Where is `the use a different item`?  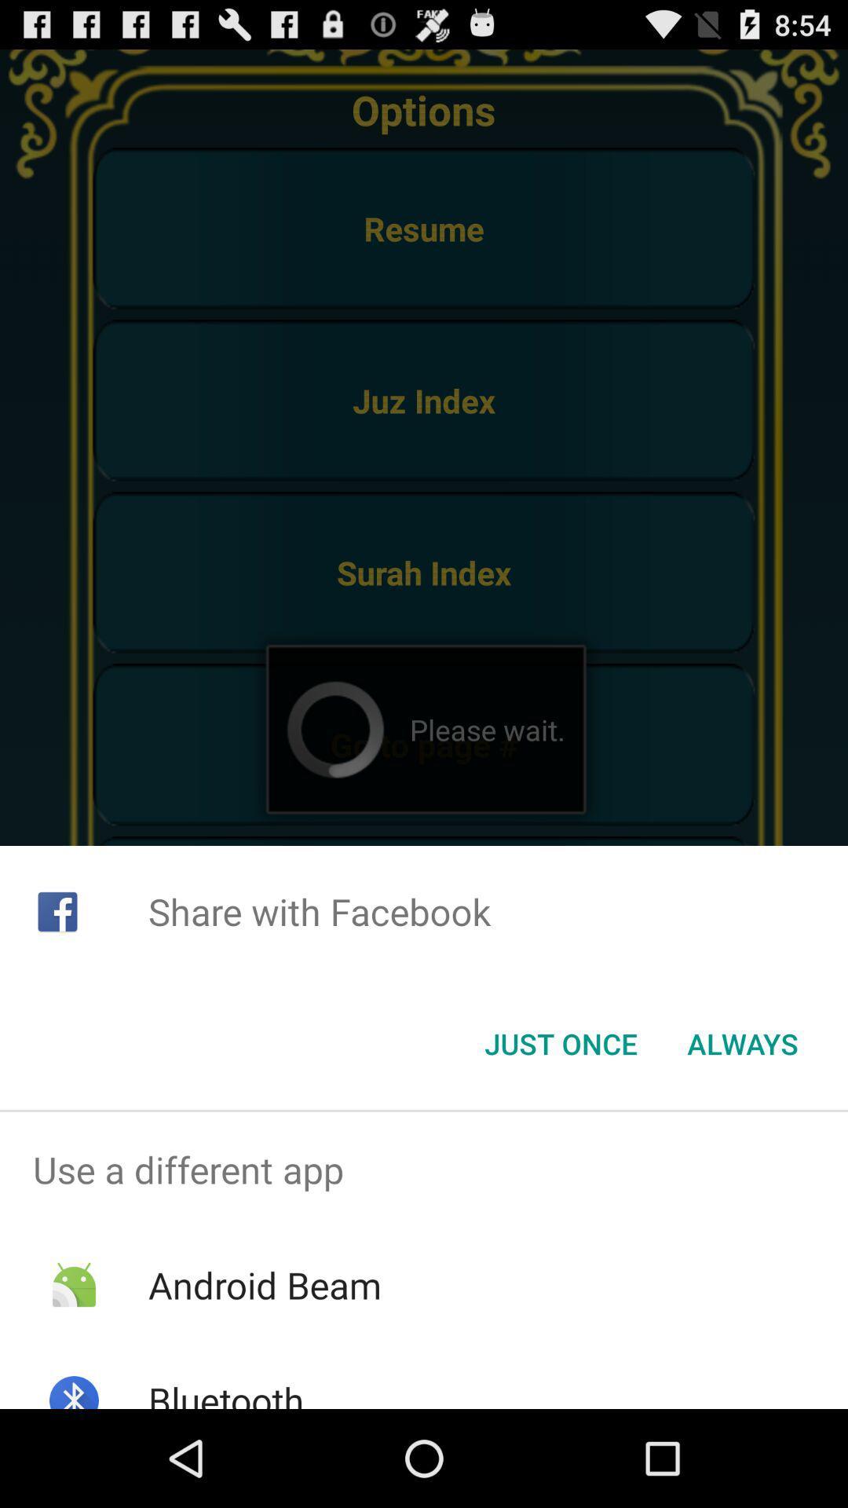
the use a different item is located at coordinates (424, 1169).